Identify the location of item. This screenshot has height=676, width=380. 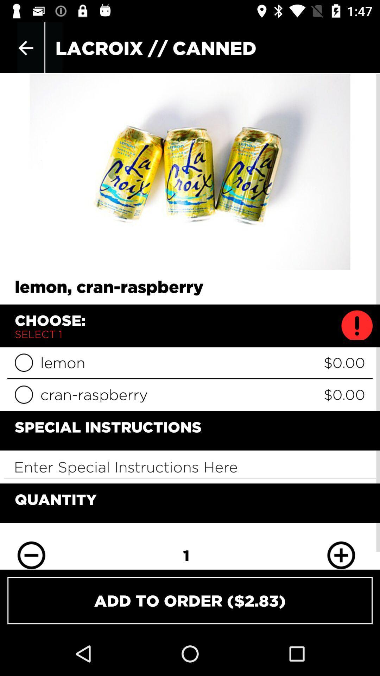
(23, 363).